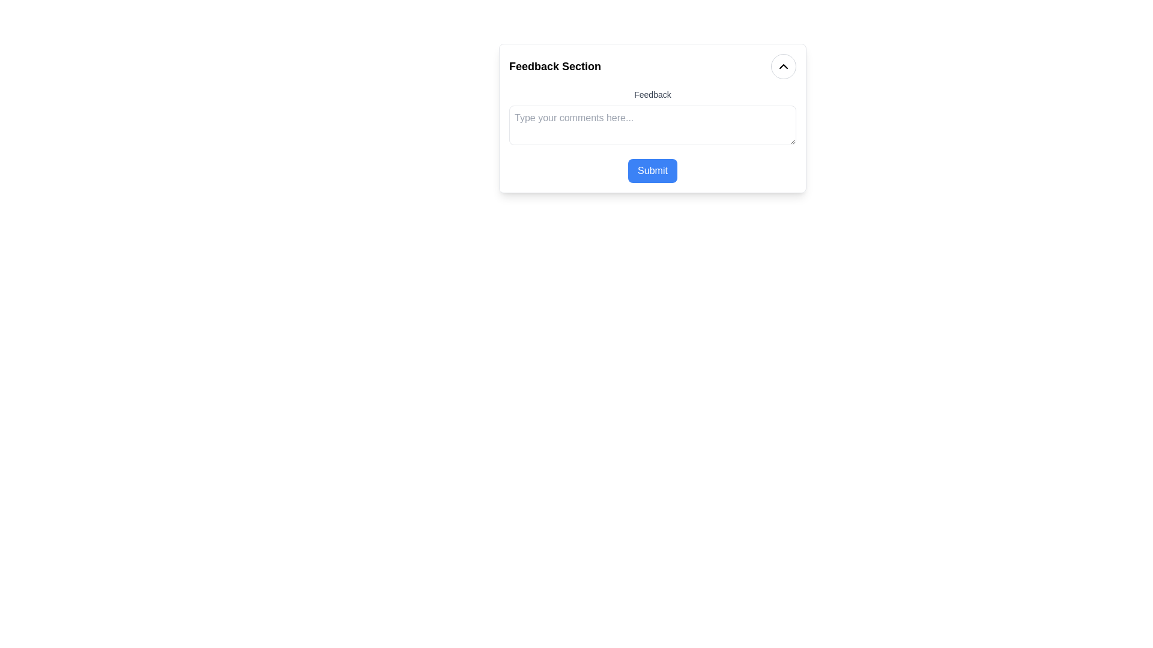 The image size is (1153, 648). Describe the element at coordinates (784, 67) in the screenshot. I see `the collapsible button located in the top-right corner of the 'Feedback Section'` at that location.